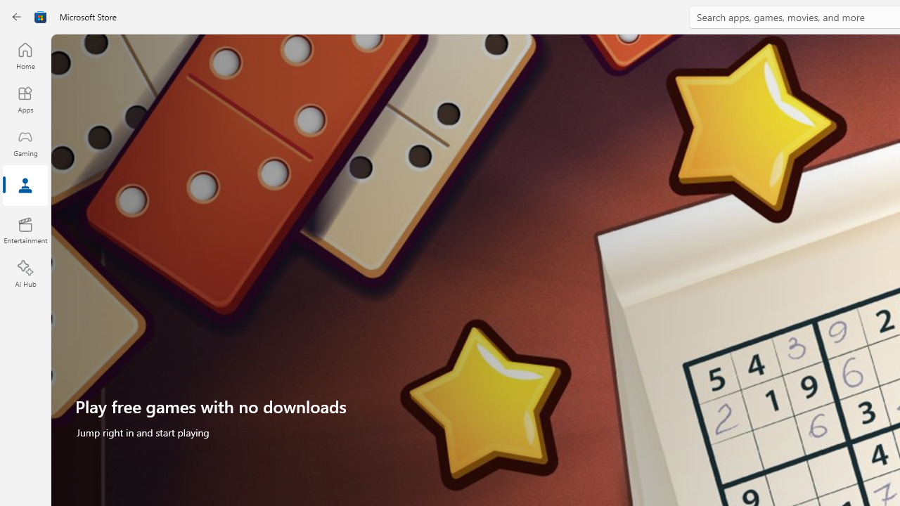 The height and width of the screenshot is (506, 900). Describe the element at coordinates (17, 17) in the screenshot. I see `'Back'` at that location.